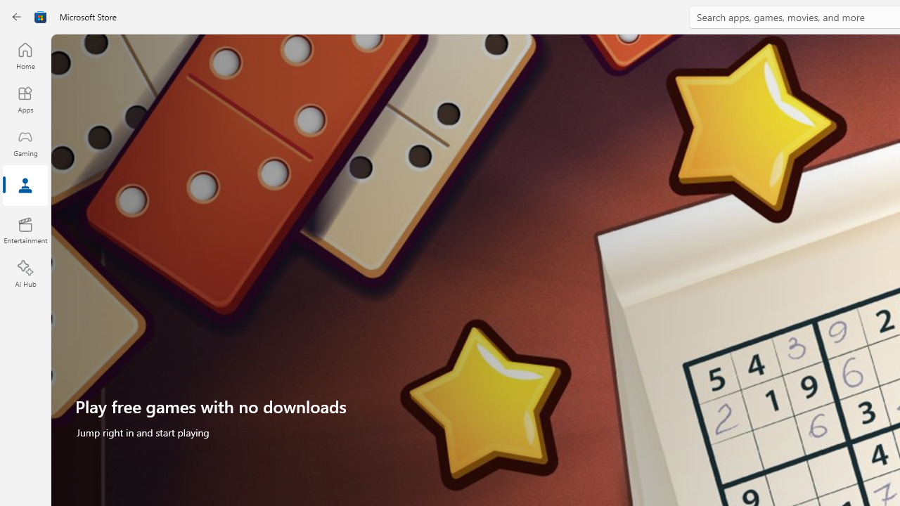 The height and width of the screenshot is (506, 900). Describe the element at coordinates (17, 17) in the screenshot. I see `'Back'` at that location.